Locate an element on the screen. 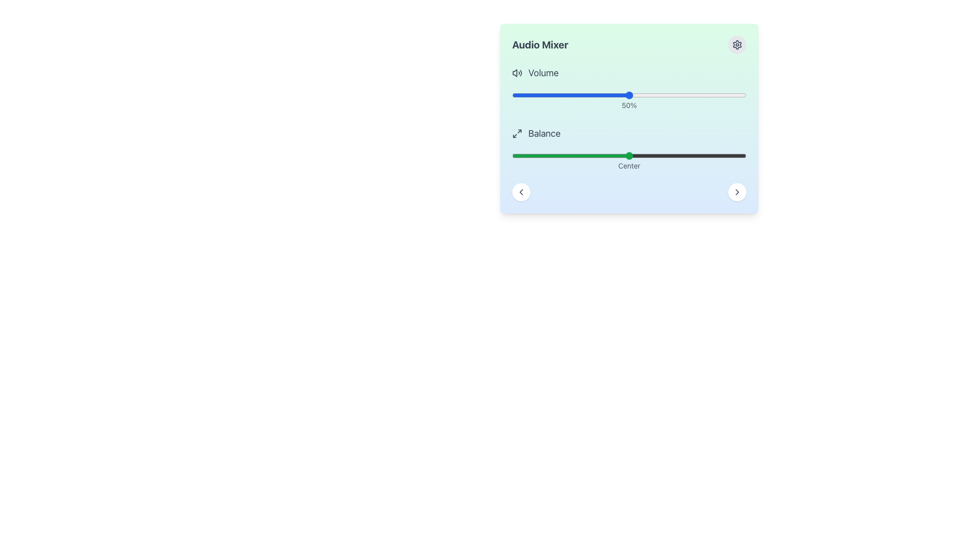  balance is located at coordinates (582, 155).